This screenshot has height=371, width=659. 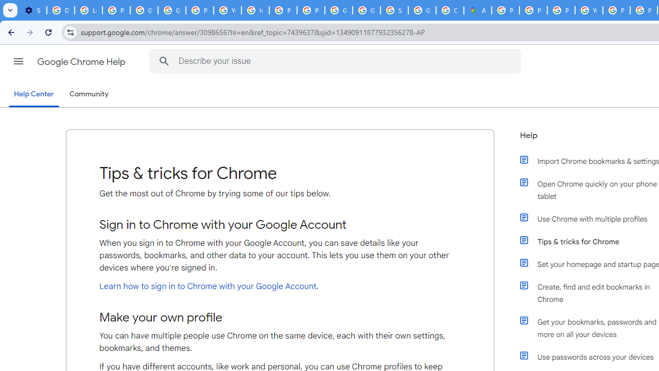 I want to click on 'Privacy Help Center - Policies Help', so click(x=533, y=10).